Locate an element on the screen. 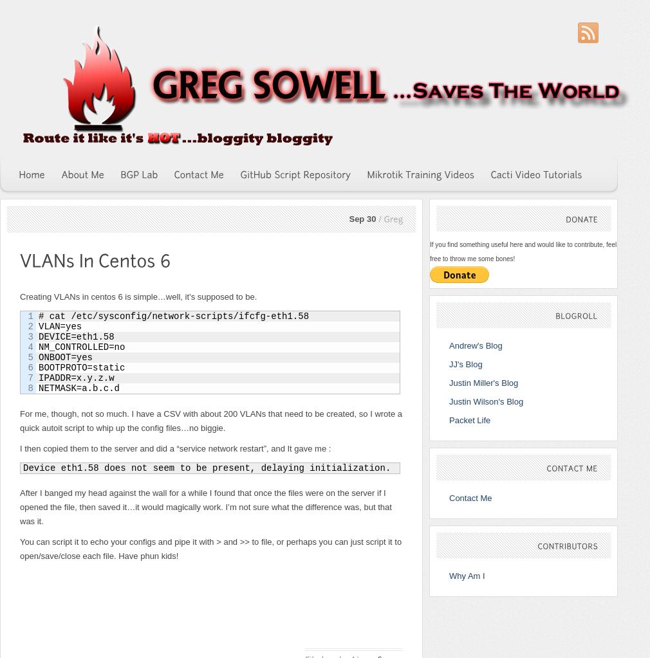 The image size is (650, 658). 'If you find something useful here and would like to contribute, feel free to throw me some bones!' is located at coordinates (523, 251).